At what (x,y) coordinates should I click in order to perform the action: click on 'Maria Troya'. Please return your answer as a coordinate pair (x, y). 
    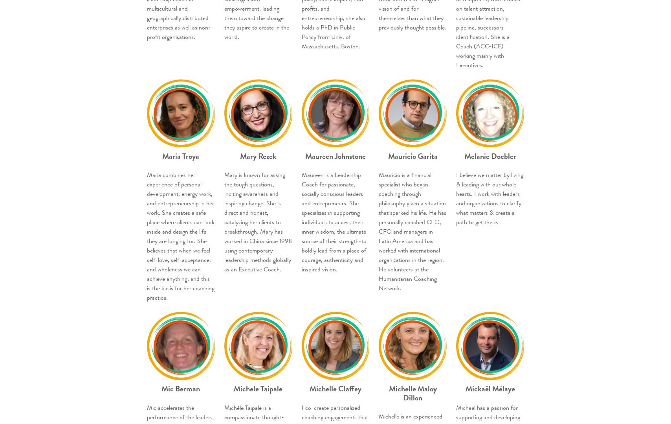
    Looking at the image, I should click on (180, 155).